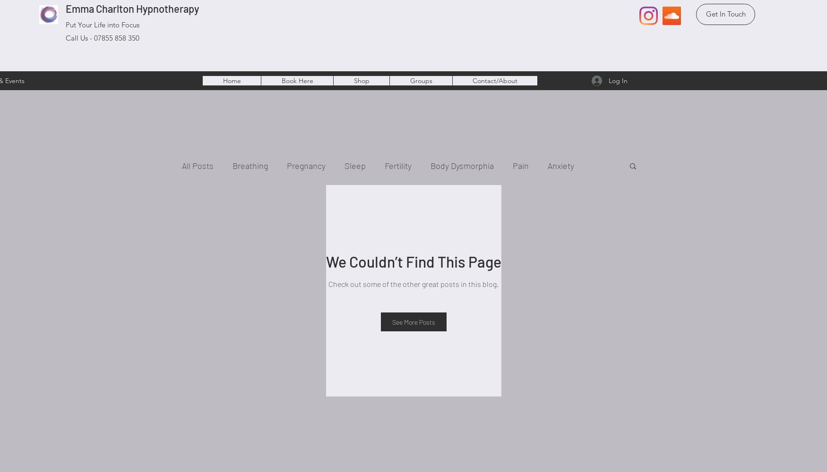  I want to click on 'All Posts', so click(197, 165).